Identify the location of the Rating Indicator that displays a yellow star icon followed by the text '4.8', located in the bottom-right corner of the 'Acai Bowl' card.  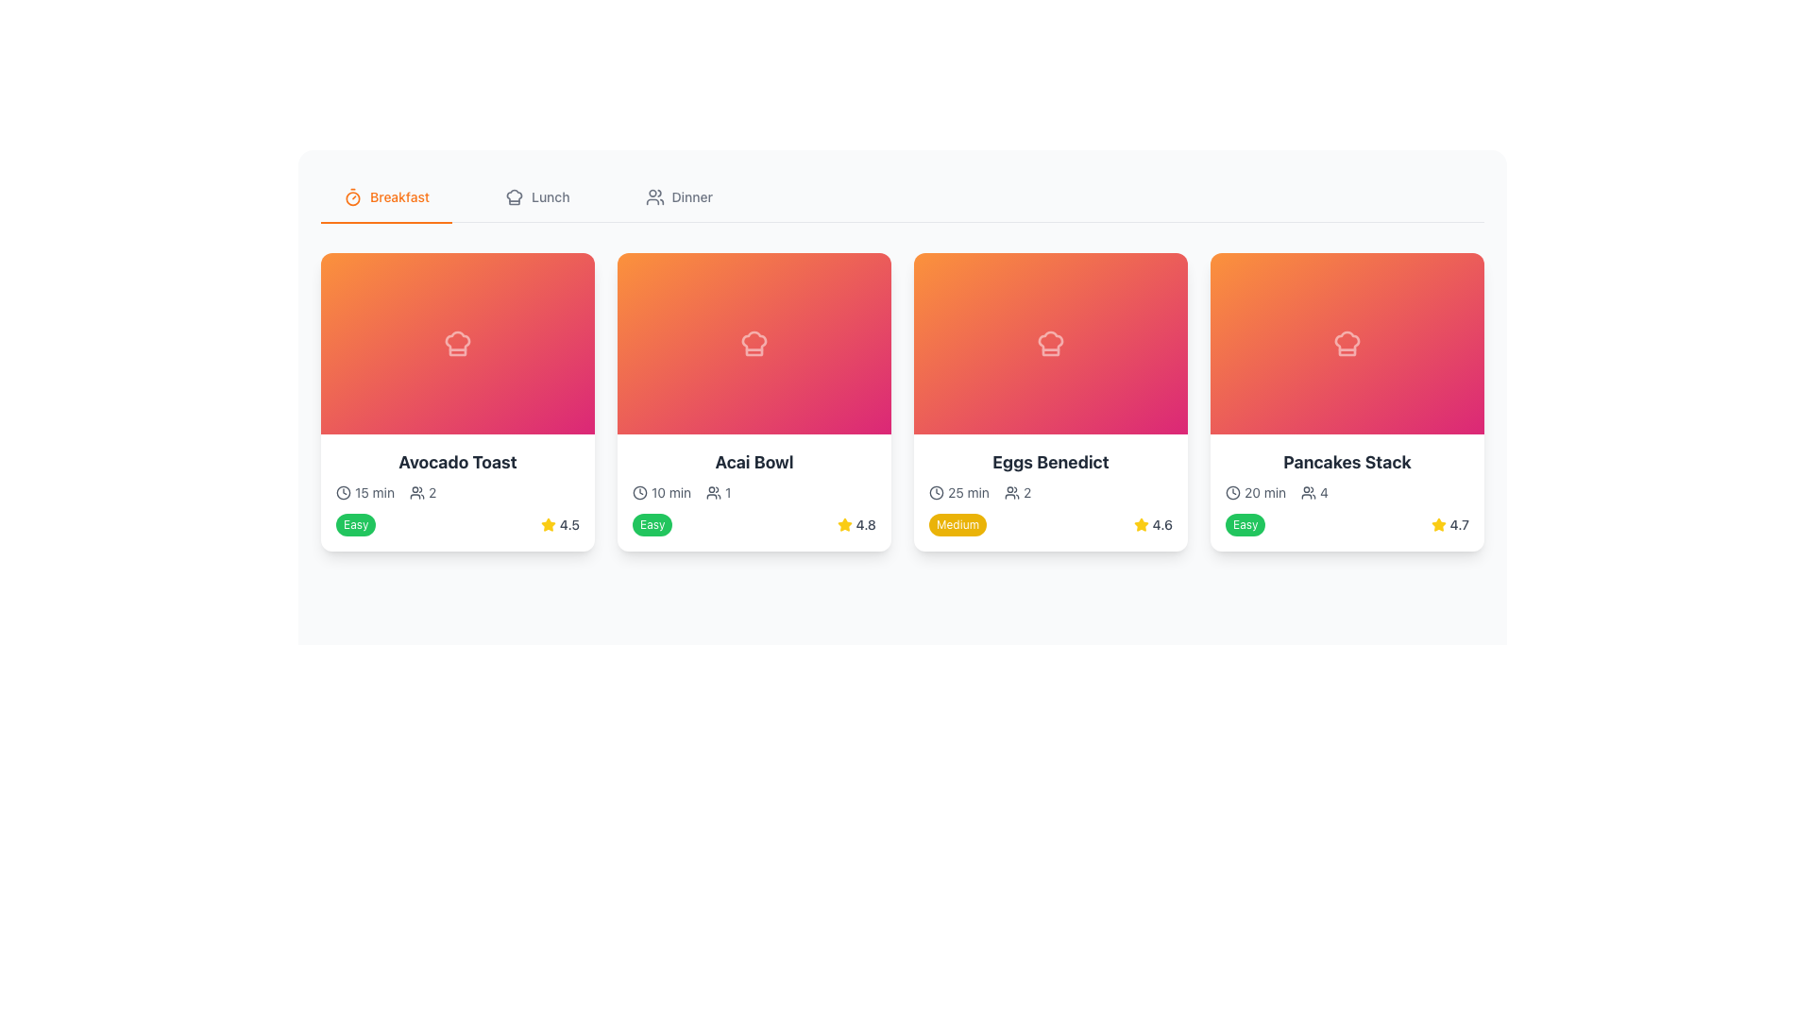
(856, 524).